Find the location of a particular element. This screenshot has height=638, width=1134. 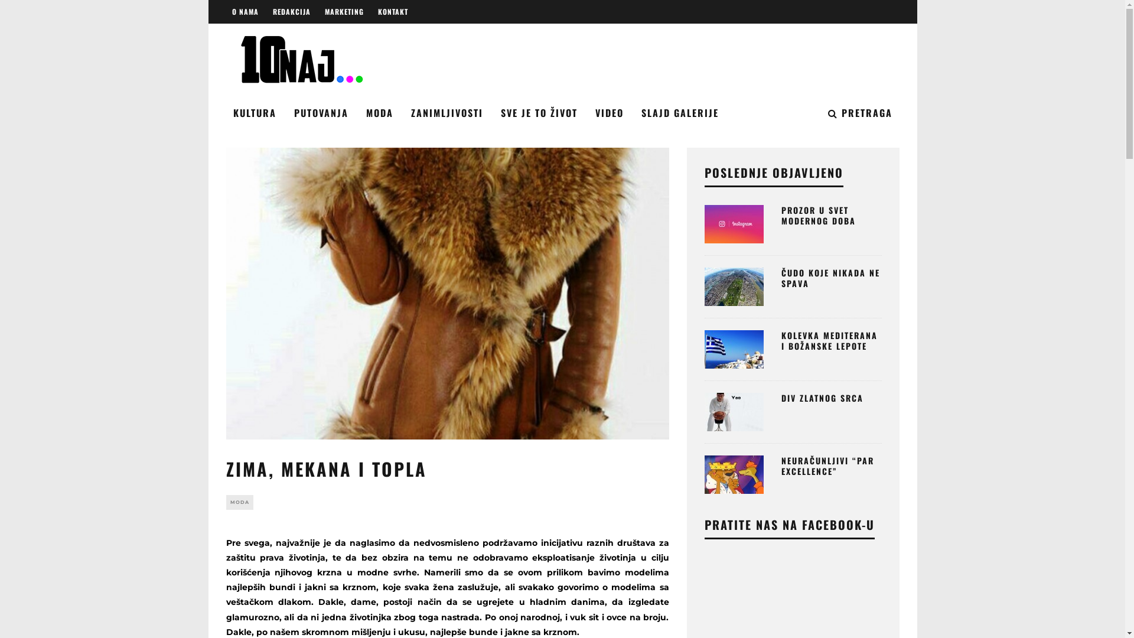

'ZANIMLJIVOSTI' is located at coordinates (447, 113).